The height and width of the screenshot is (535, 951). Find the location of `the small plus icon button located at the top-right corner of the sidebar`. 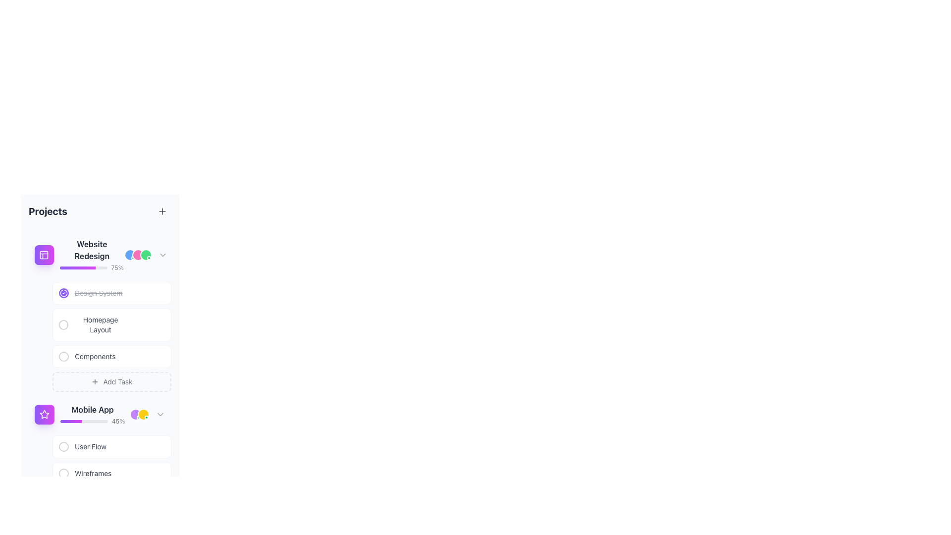

the small plus icon button located at the top-right corner of the sidebar is located at coordinates (162, 211).